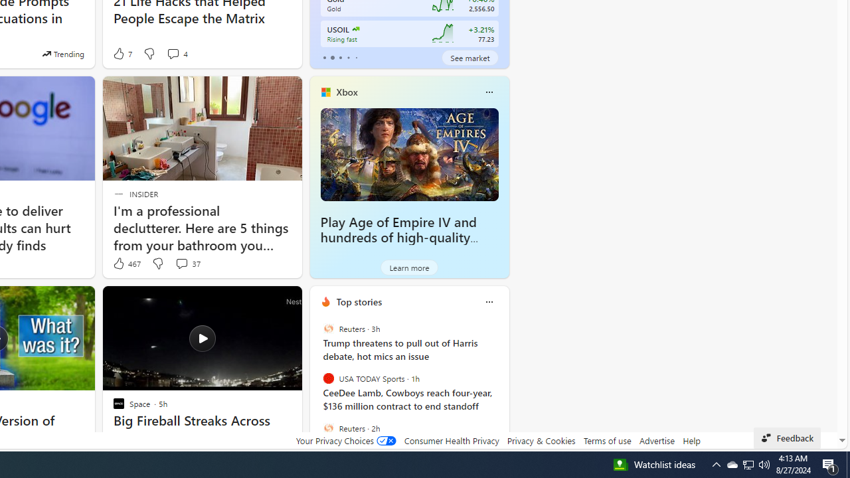 The height and width of the screenshot is (478, 850). Describe the element at coordinates (122, 53) in the screenshot. I see `'7 Like'` at that location.